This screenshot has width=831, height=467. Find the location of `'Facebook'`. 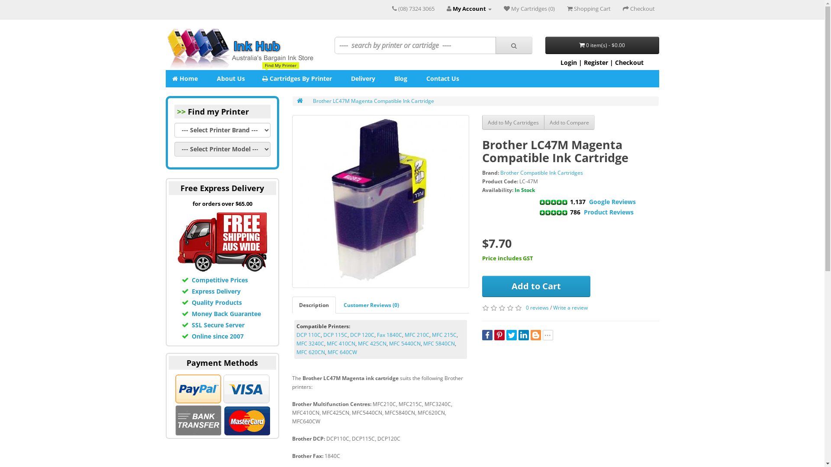

'Facebook' is located at coordinates (487, 335).